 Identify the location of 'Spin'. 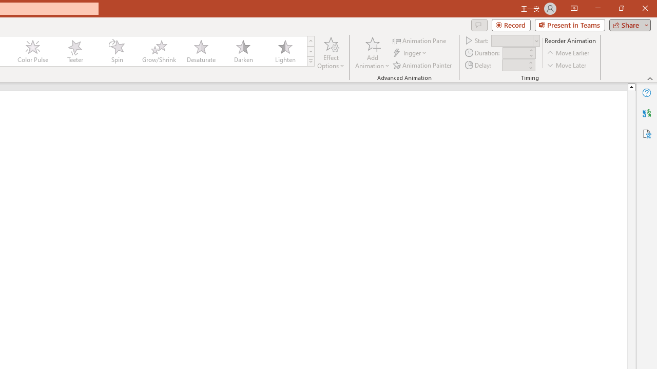
(117, 51).